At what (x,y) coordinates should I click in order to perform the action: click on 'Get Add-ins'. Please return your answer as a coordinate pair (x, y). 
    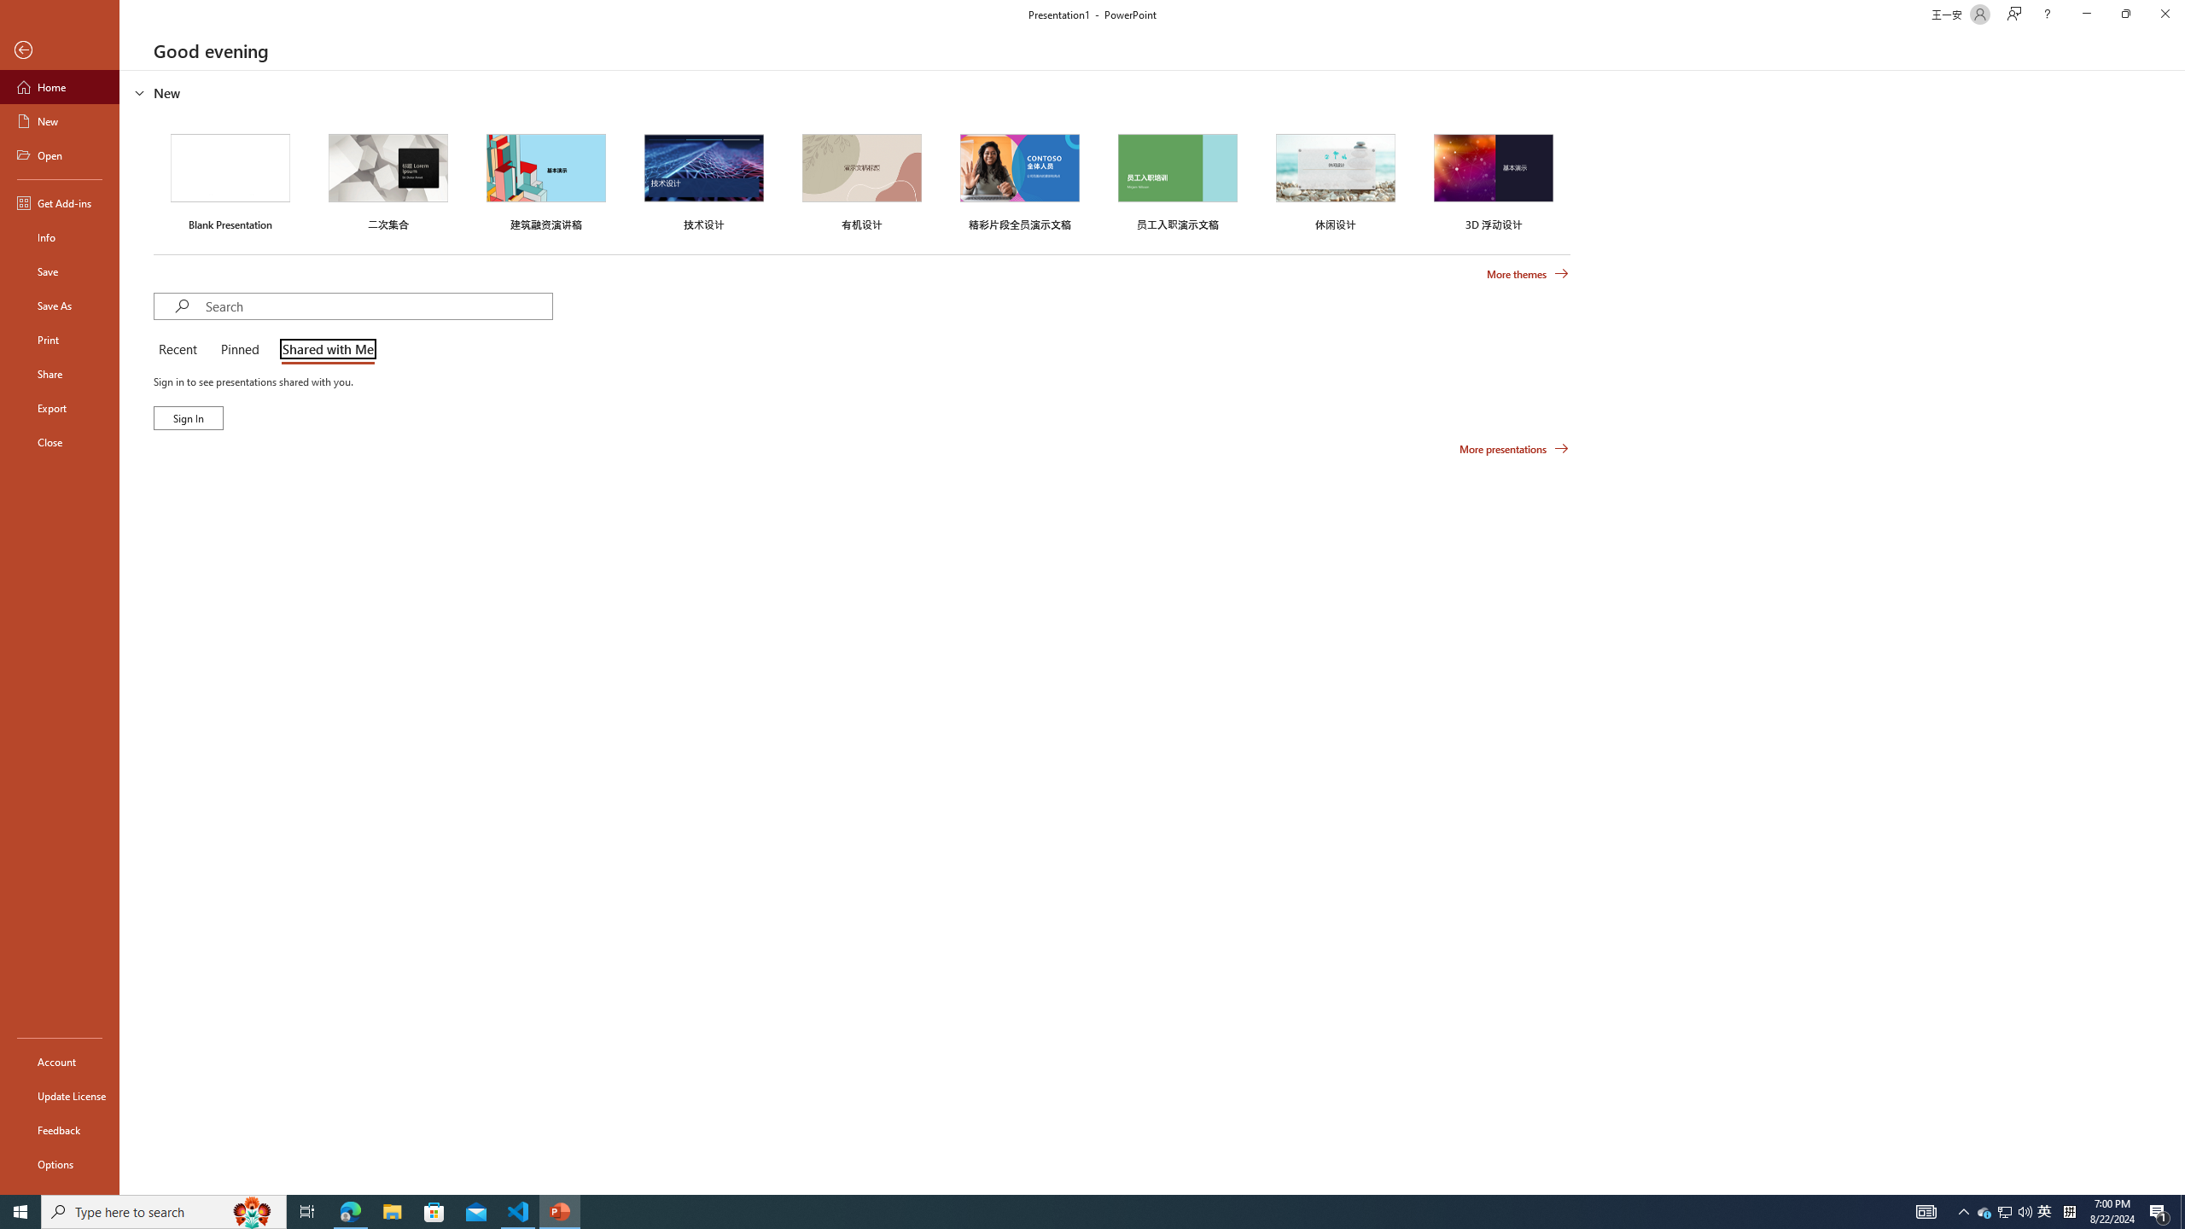
    Looking at the image, I should click on (59, 202).